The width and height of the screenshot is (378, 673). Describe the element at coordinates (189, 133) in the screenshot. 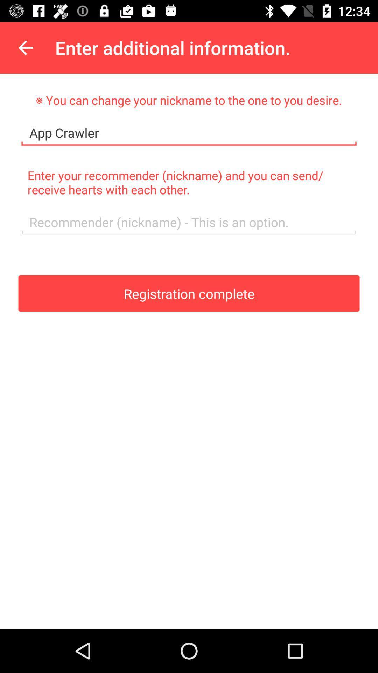

I see `app crawler item` at that location.